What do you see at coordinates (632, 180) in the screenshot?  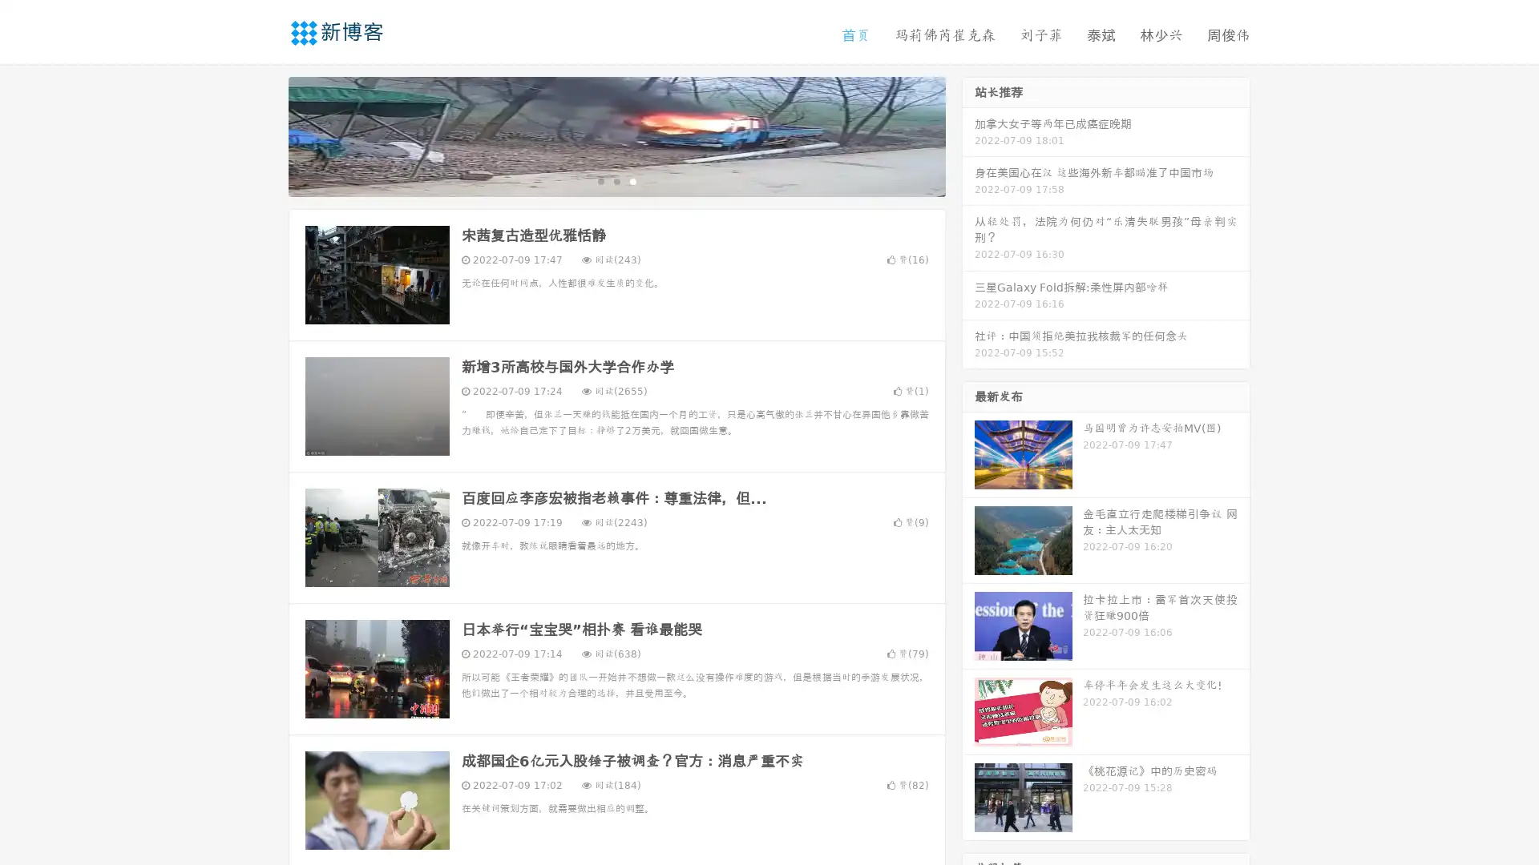 I see `Go to slide 3` at bounding box center [632, 180].